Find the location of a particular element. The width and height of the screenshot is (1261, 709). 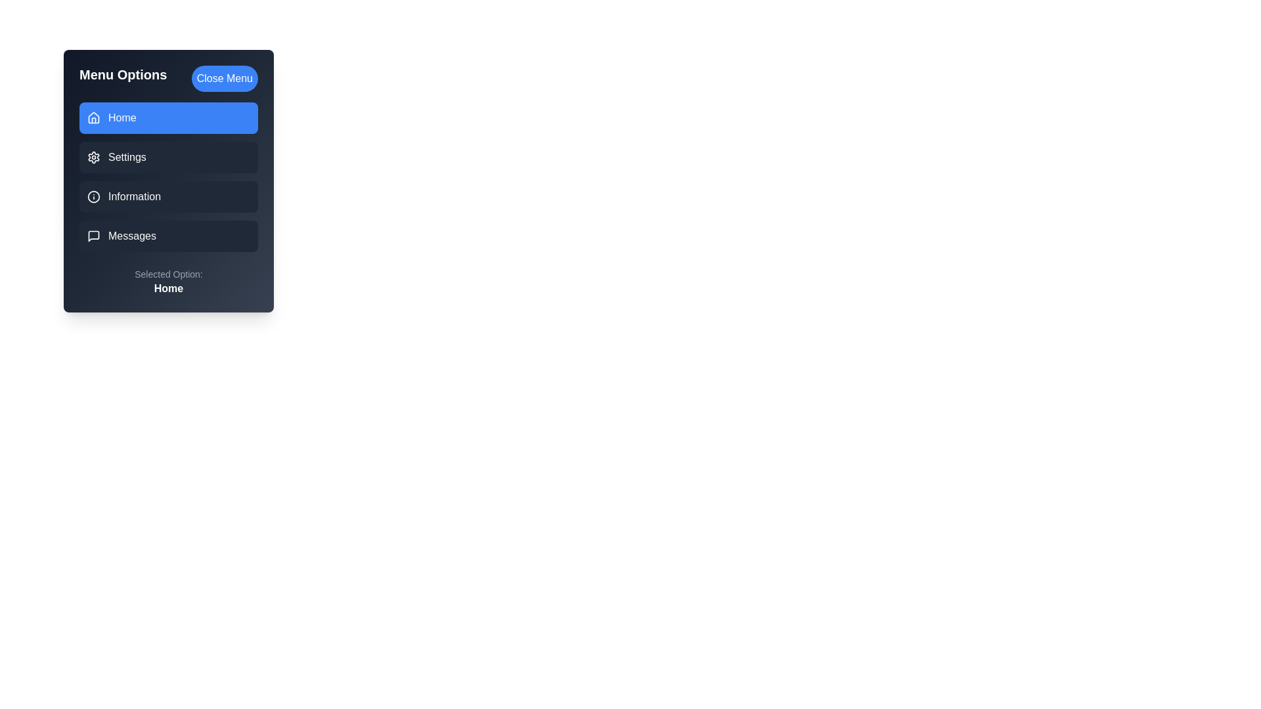

the visual representation of the '!' icon within the gray rectangular button labeled 'Information', which is the third entry in the vertical menu list is located at coordinates (93, 197).